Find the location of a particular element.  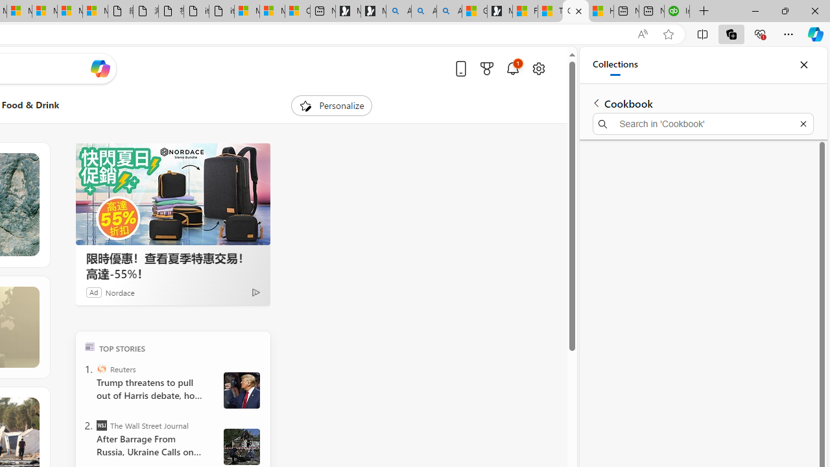

'Personalize' is located at coordinates (332, 105).